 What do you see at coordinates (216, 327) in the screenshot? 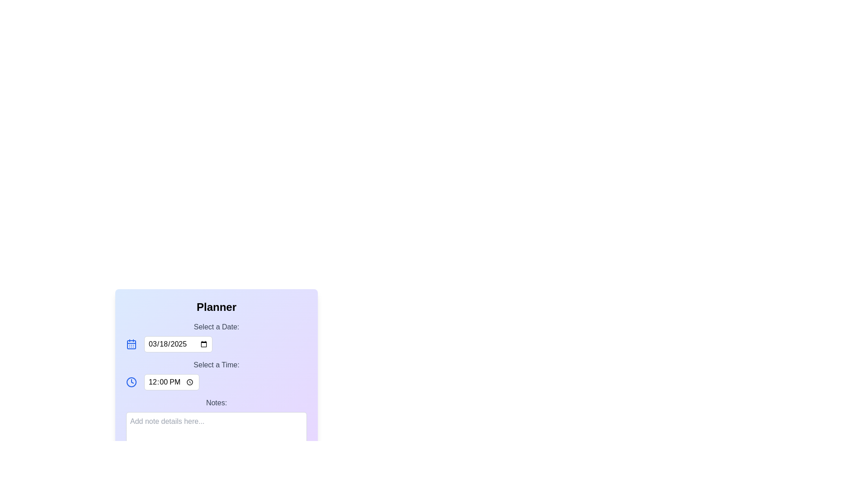
I see `text label that serves as a descriptor for the date input field, positioned above the date picker input control` at bounding box center [216, 327].